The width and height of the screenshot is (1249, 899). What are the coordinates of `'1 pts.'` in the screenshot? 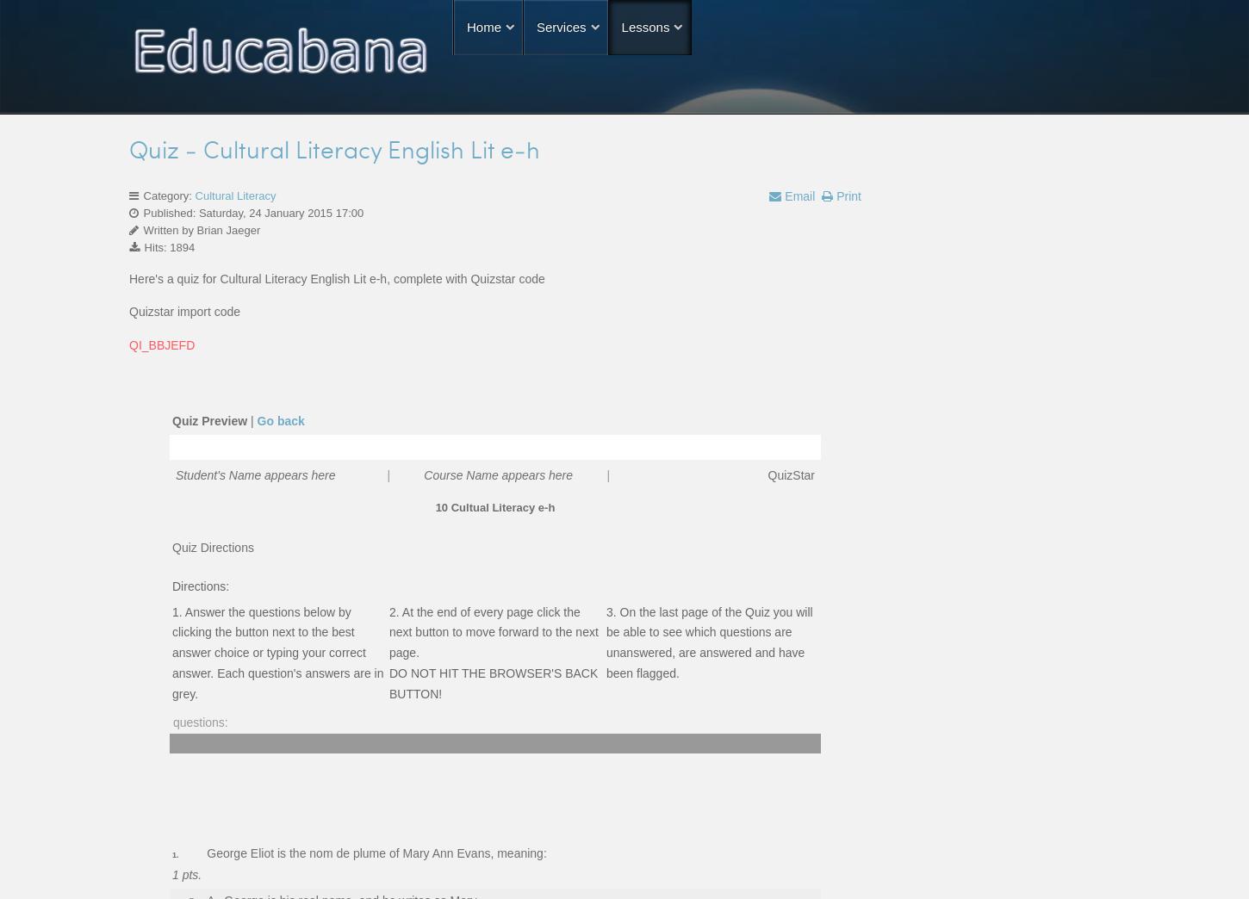 It's located at (186, 875).